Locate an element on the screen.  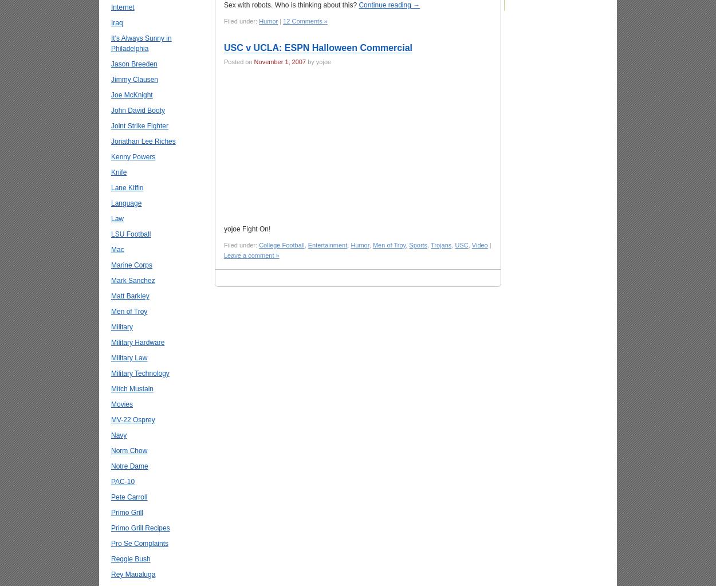
'Mark Sanchez' is located at coordinates (132, 281).